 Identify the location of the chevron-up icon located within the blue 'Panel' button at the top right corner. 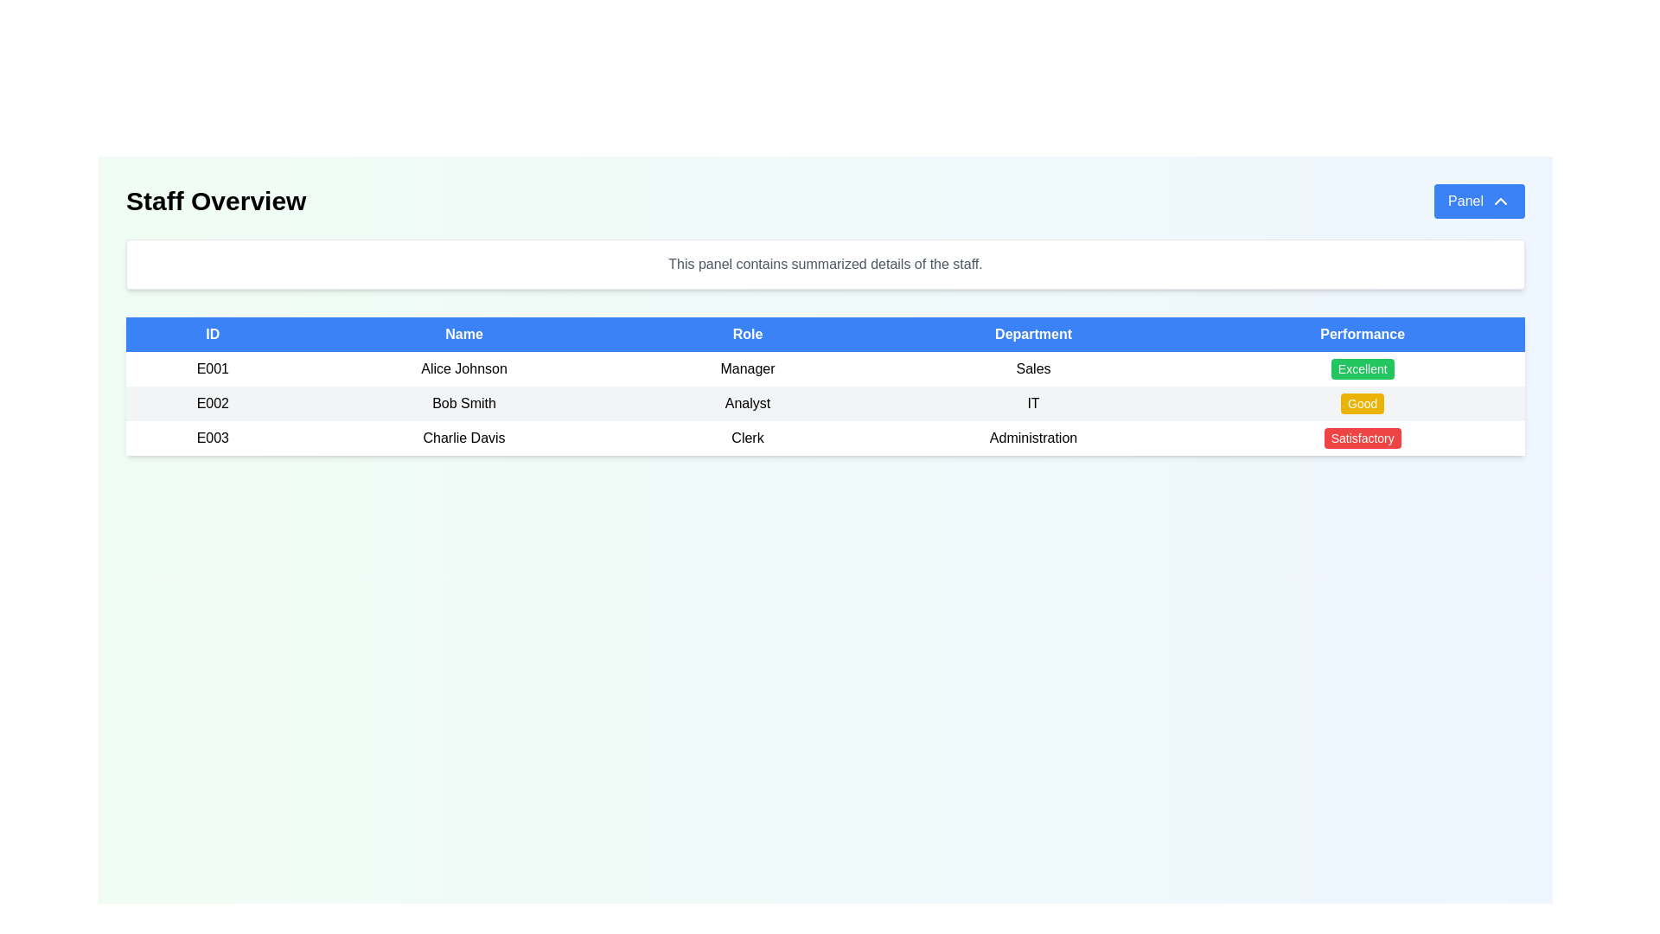
(1500, 200).